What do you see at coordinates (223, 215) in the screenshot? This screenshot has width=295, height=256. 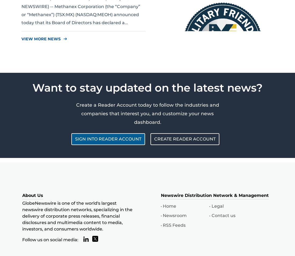 I see `'Contact us'` at bounding box center [223, 215].